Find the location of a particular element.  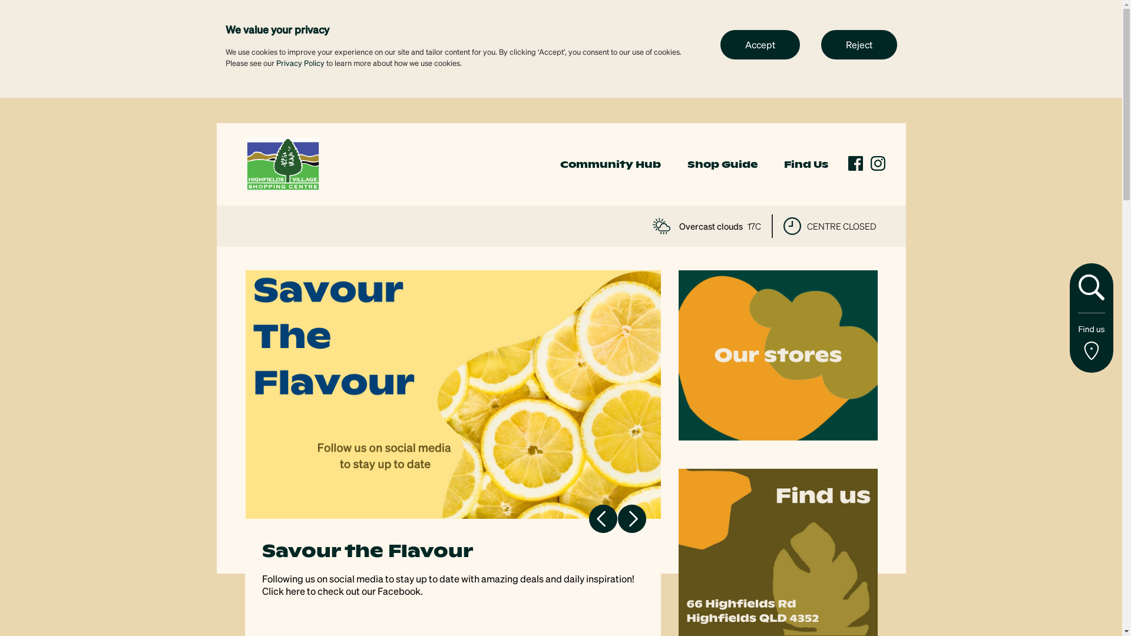

'time' is located at coordinates (792, 226).